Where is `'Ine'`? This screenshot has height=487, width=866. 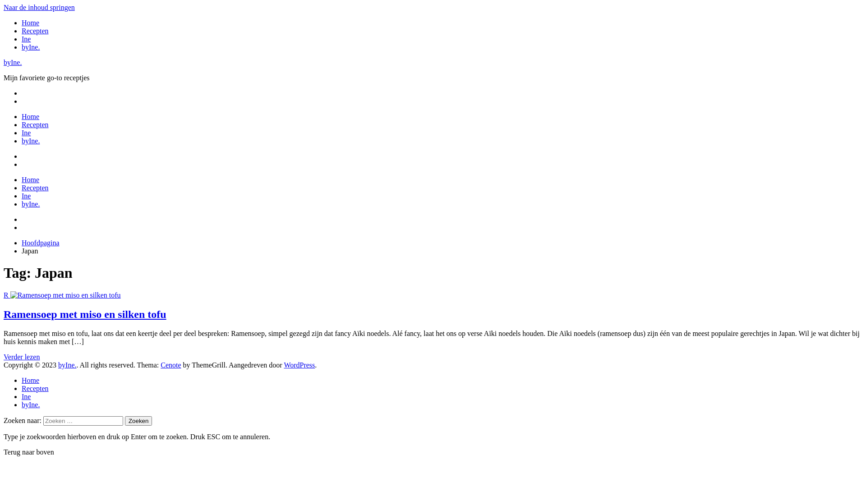 'Ine' is located at coordinates (26, 396).